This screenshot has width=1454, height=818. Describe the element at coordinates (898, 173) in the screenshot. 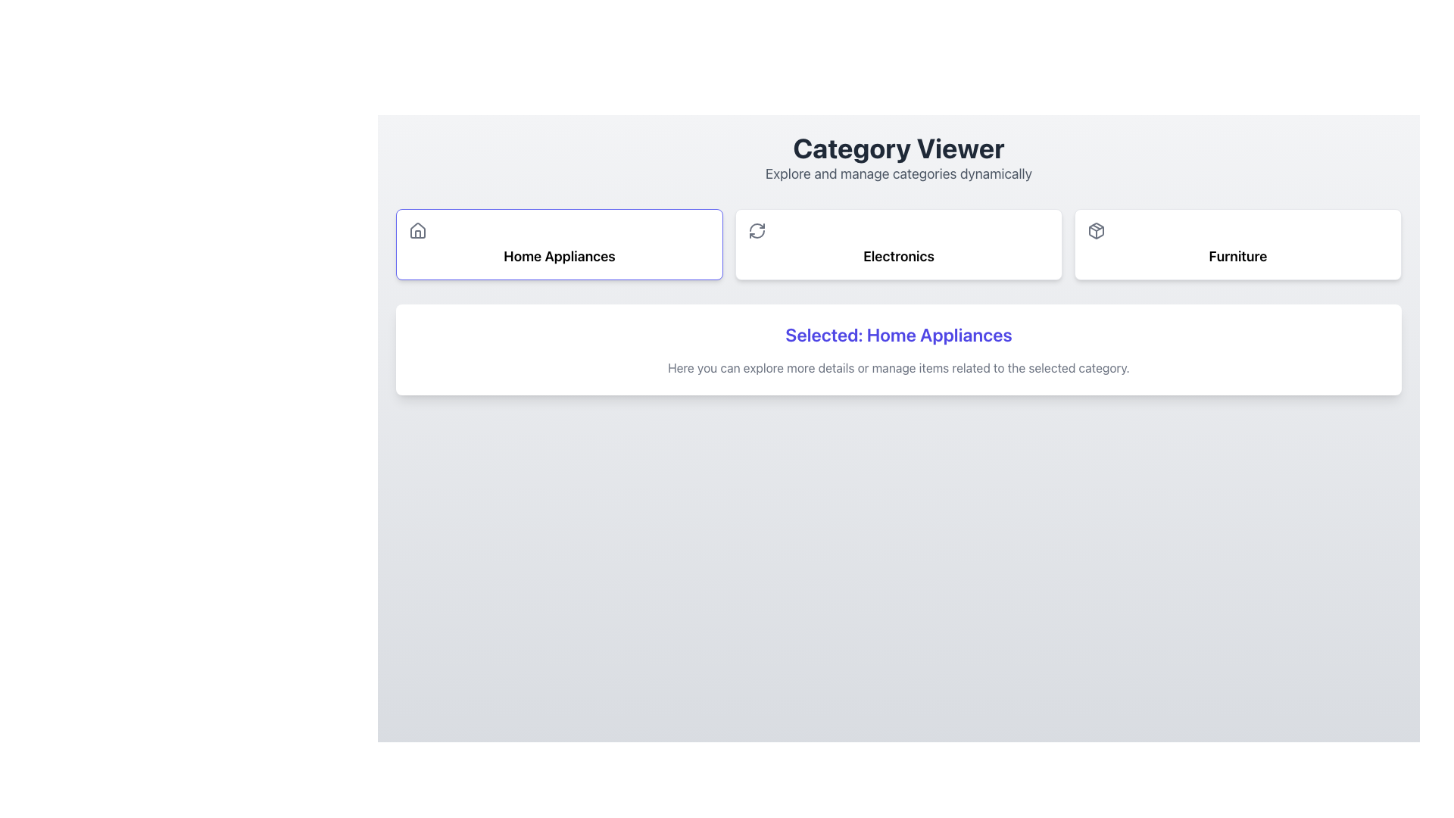

I see `the Text Label that provides additional context or explanation to the main heading, positioned directly below the title 'Category Viewer'` at that location.